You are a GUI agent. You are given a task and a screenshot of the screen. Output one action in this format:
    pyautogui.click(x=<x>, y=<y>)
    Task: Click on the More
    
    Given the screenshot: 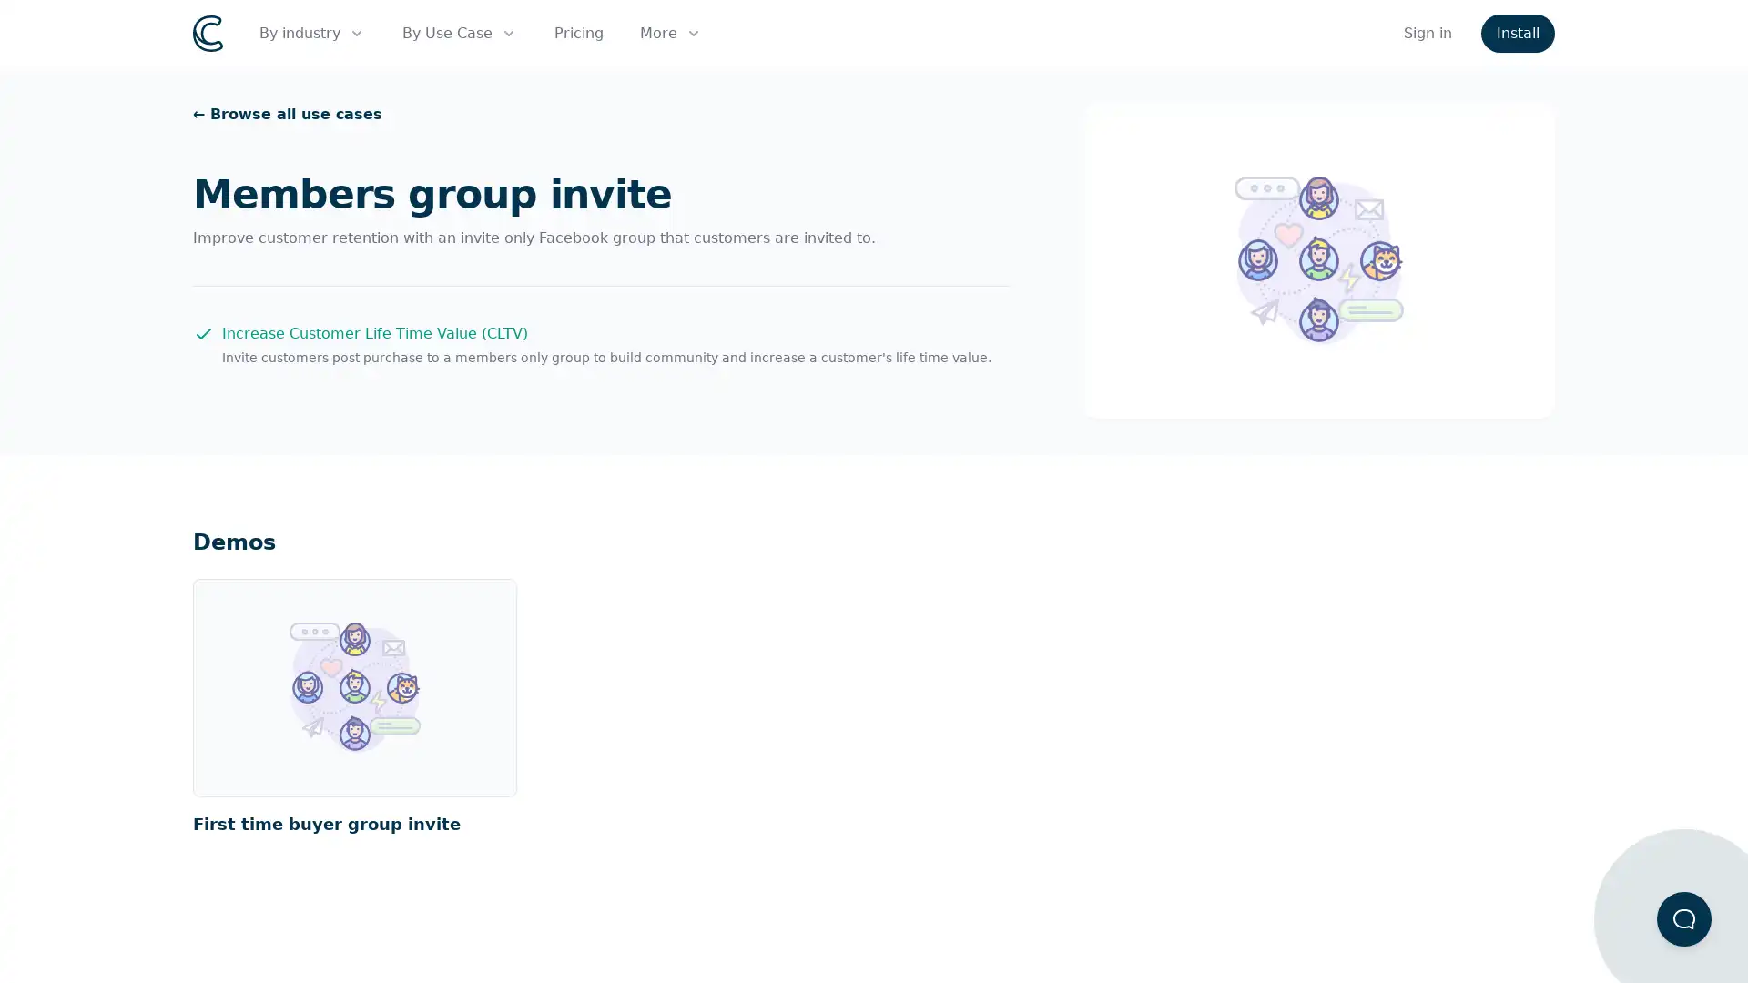 What is the action you would take?
    pyautogui.click(x=670, y=34)
    